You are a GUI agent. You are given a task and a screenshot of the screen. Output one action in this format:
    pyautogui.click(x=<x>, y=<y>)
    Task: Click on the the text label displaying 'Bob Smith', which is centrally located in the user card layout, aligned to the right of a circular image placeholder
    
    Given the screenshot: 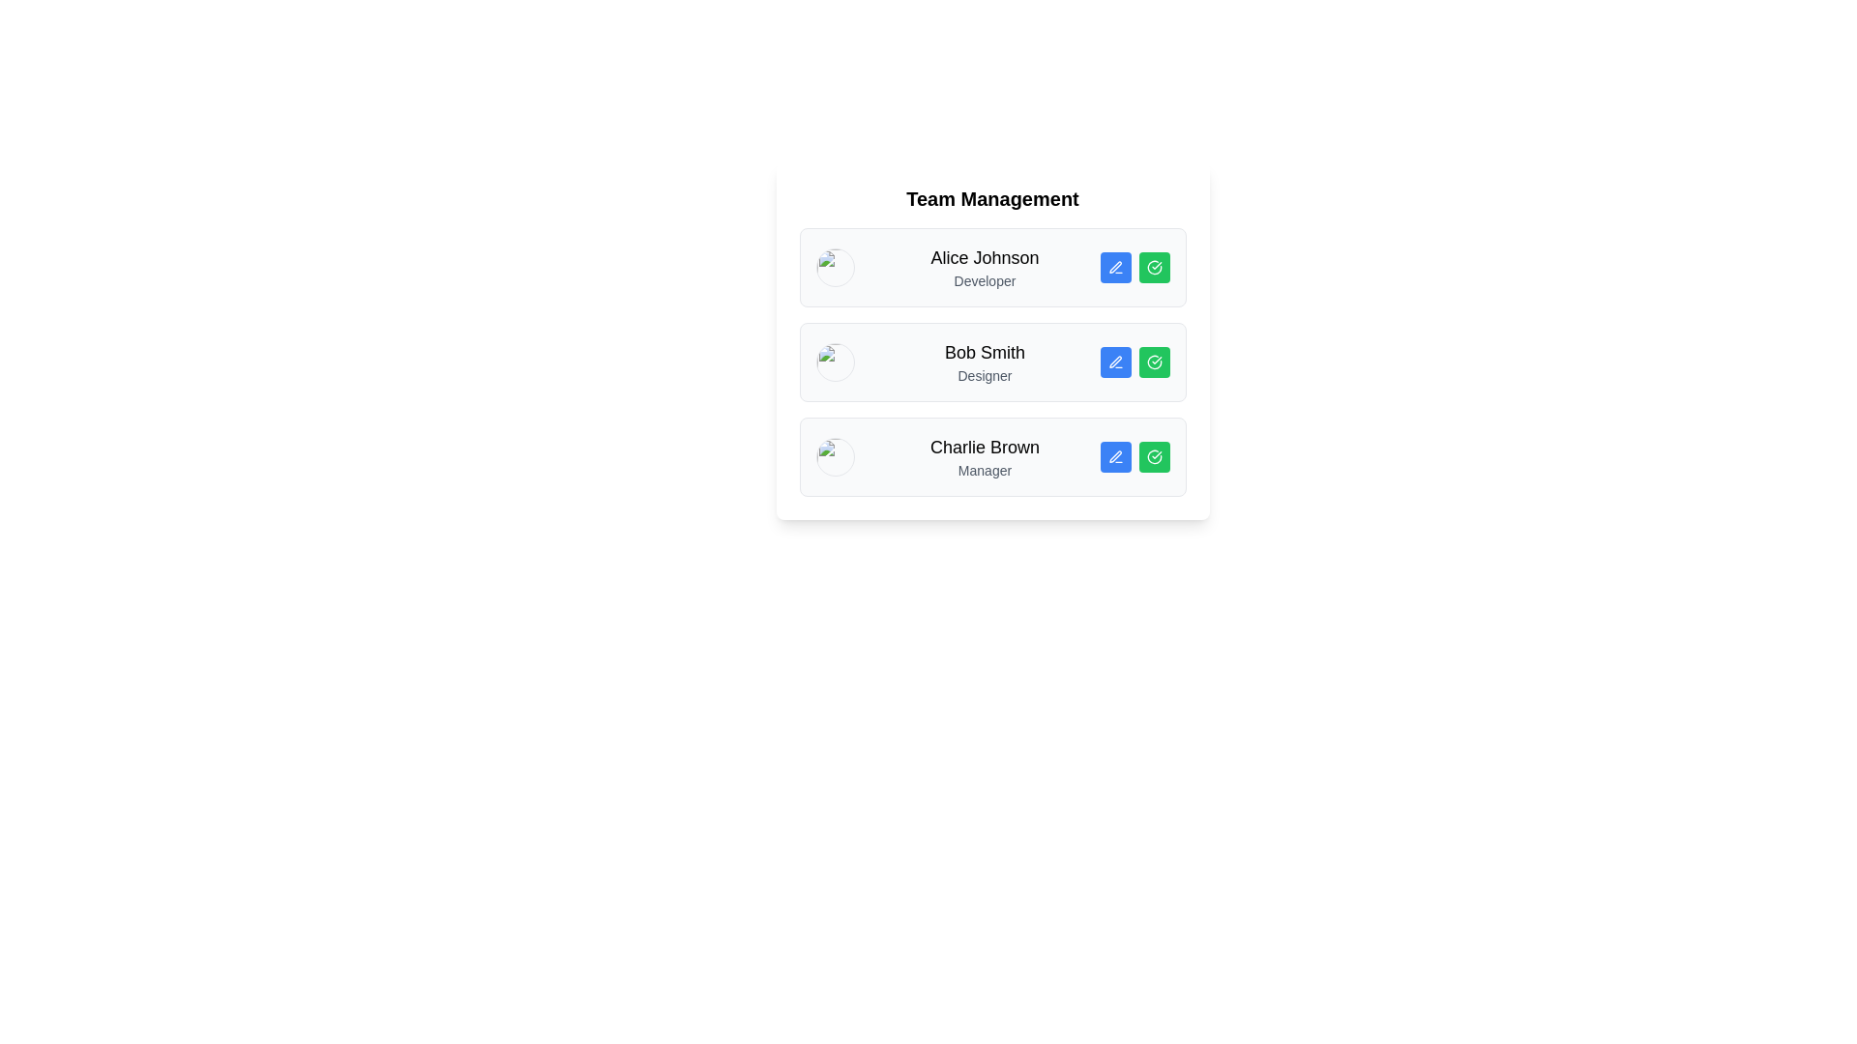 What is the action you would take?
    pyautogui.click(x=985, y=362)
    